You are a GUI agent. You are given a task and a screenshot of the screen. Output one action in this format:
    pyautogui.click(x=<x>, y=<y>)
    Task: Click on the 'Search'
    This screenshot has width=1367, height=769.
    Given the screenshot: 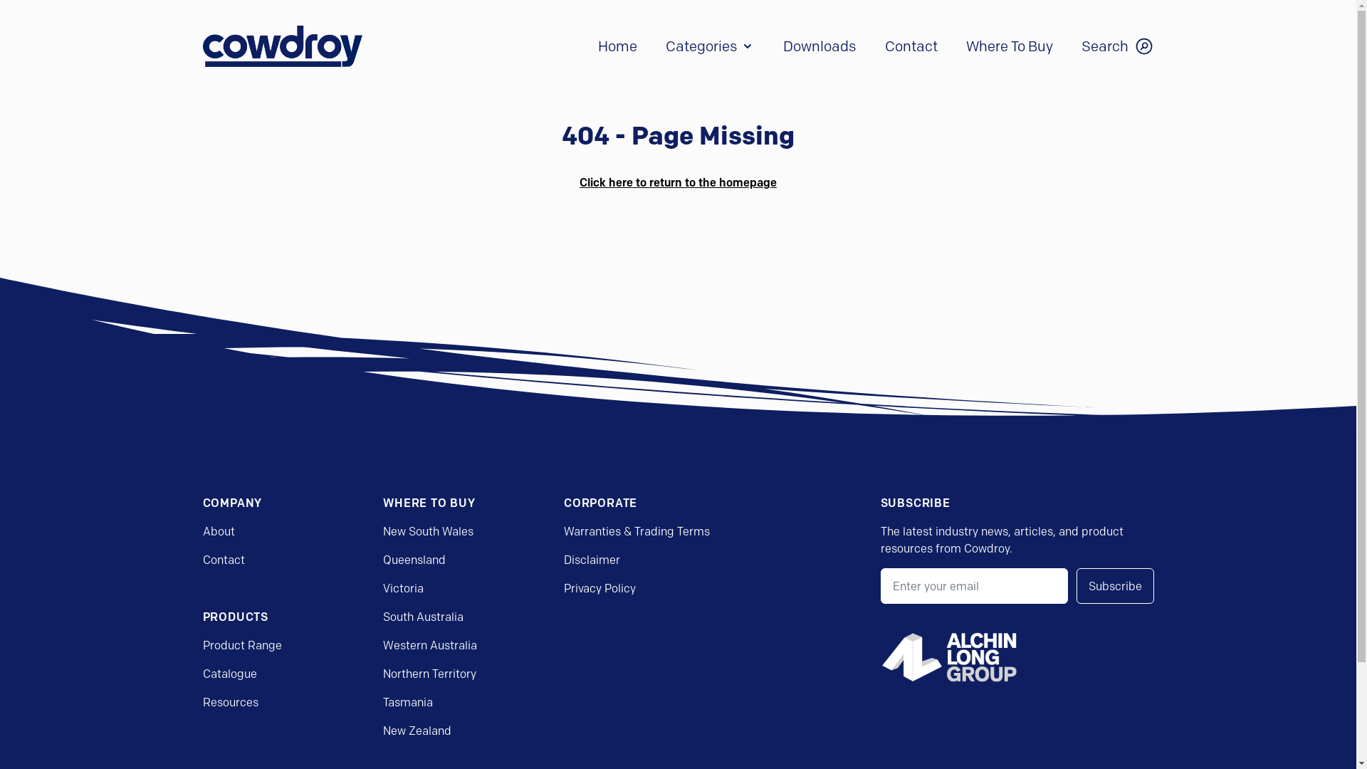 What is the action you would take?
    pyautogui.click(x=1116, y=46)
    